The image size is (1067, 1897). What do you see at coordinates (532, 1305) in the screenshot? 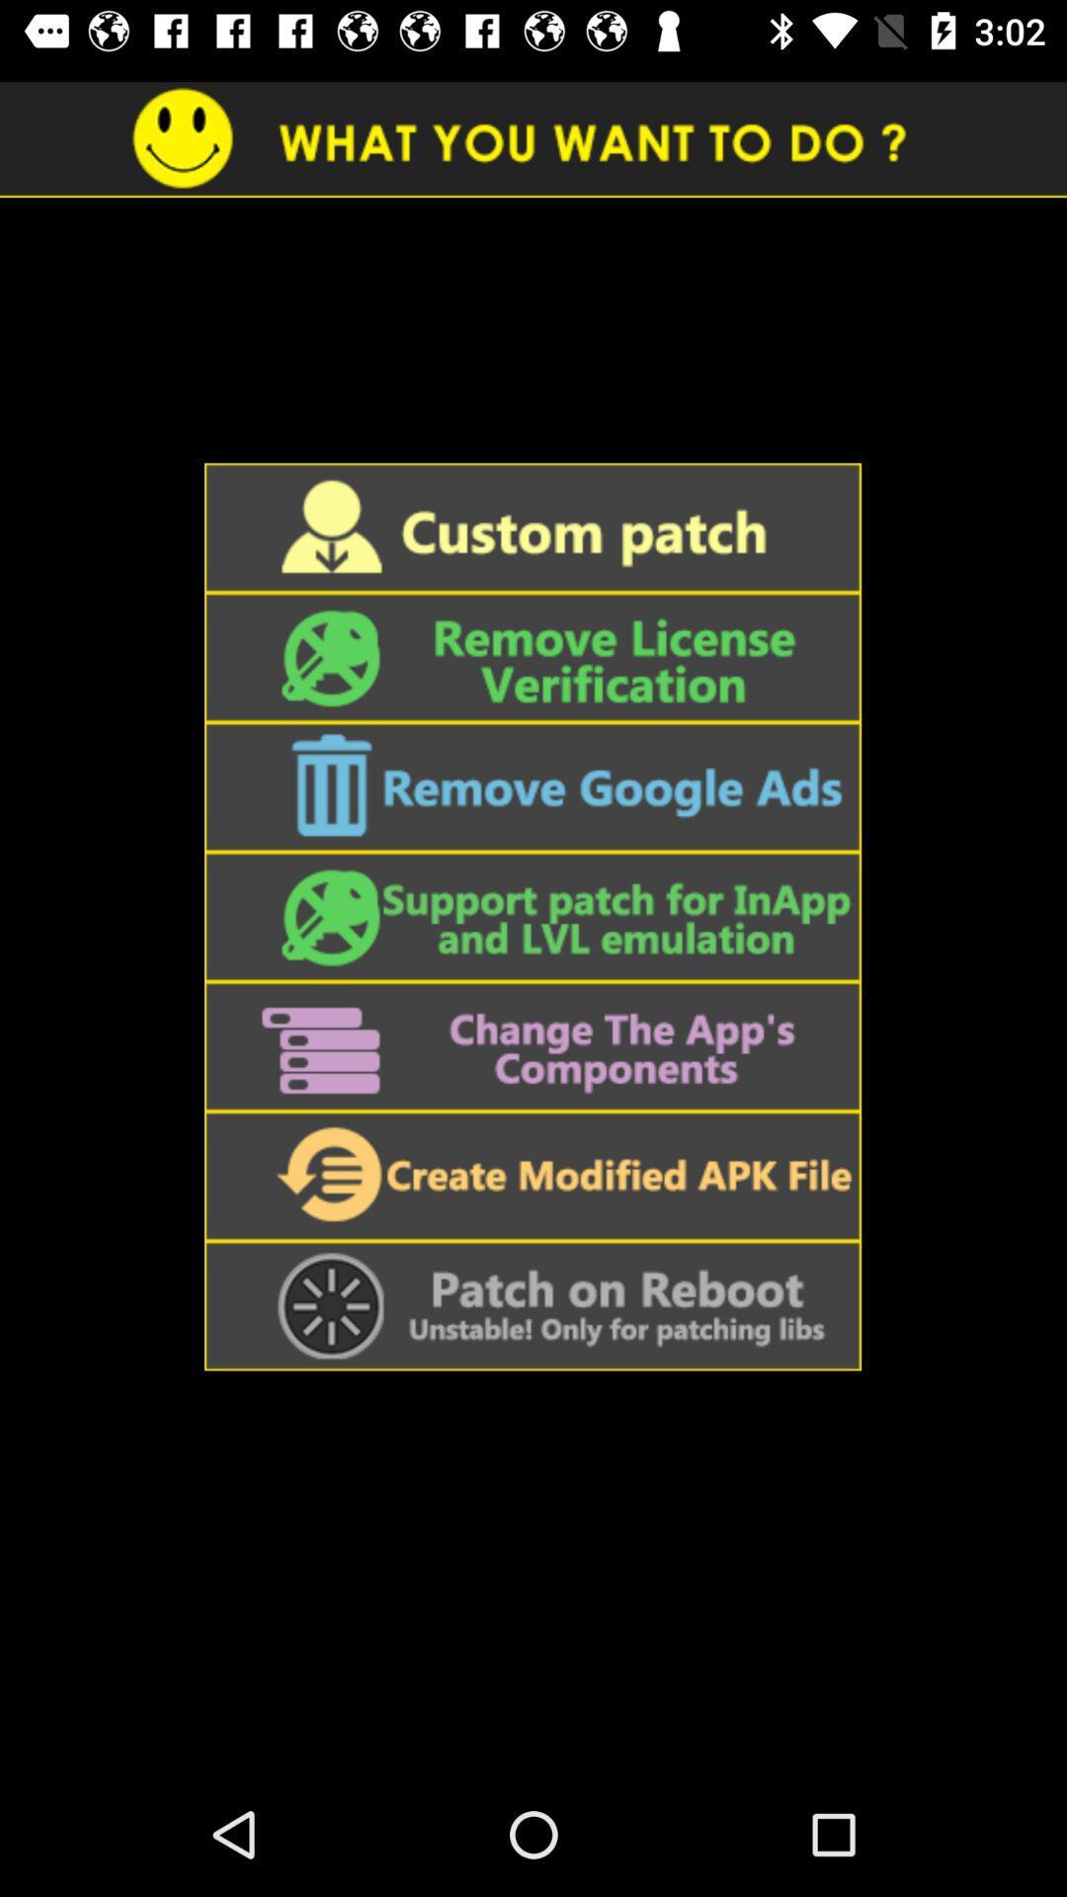
I see `menu option` at bounding box center [532, 1305].